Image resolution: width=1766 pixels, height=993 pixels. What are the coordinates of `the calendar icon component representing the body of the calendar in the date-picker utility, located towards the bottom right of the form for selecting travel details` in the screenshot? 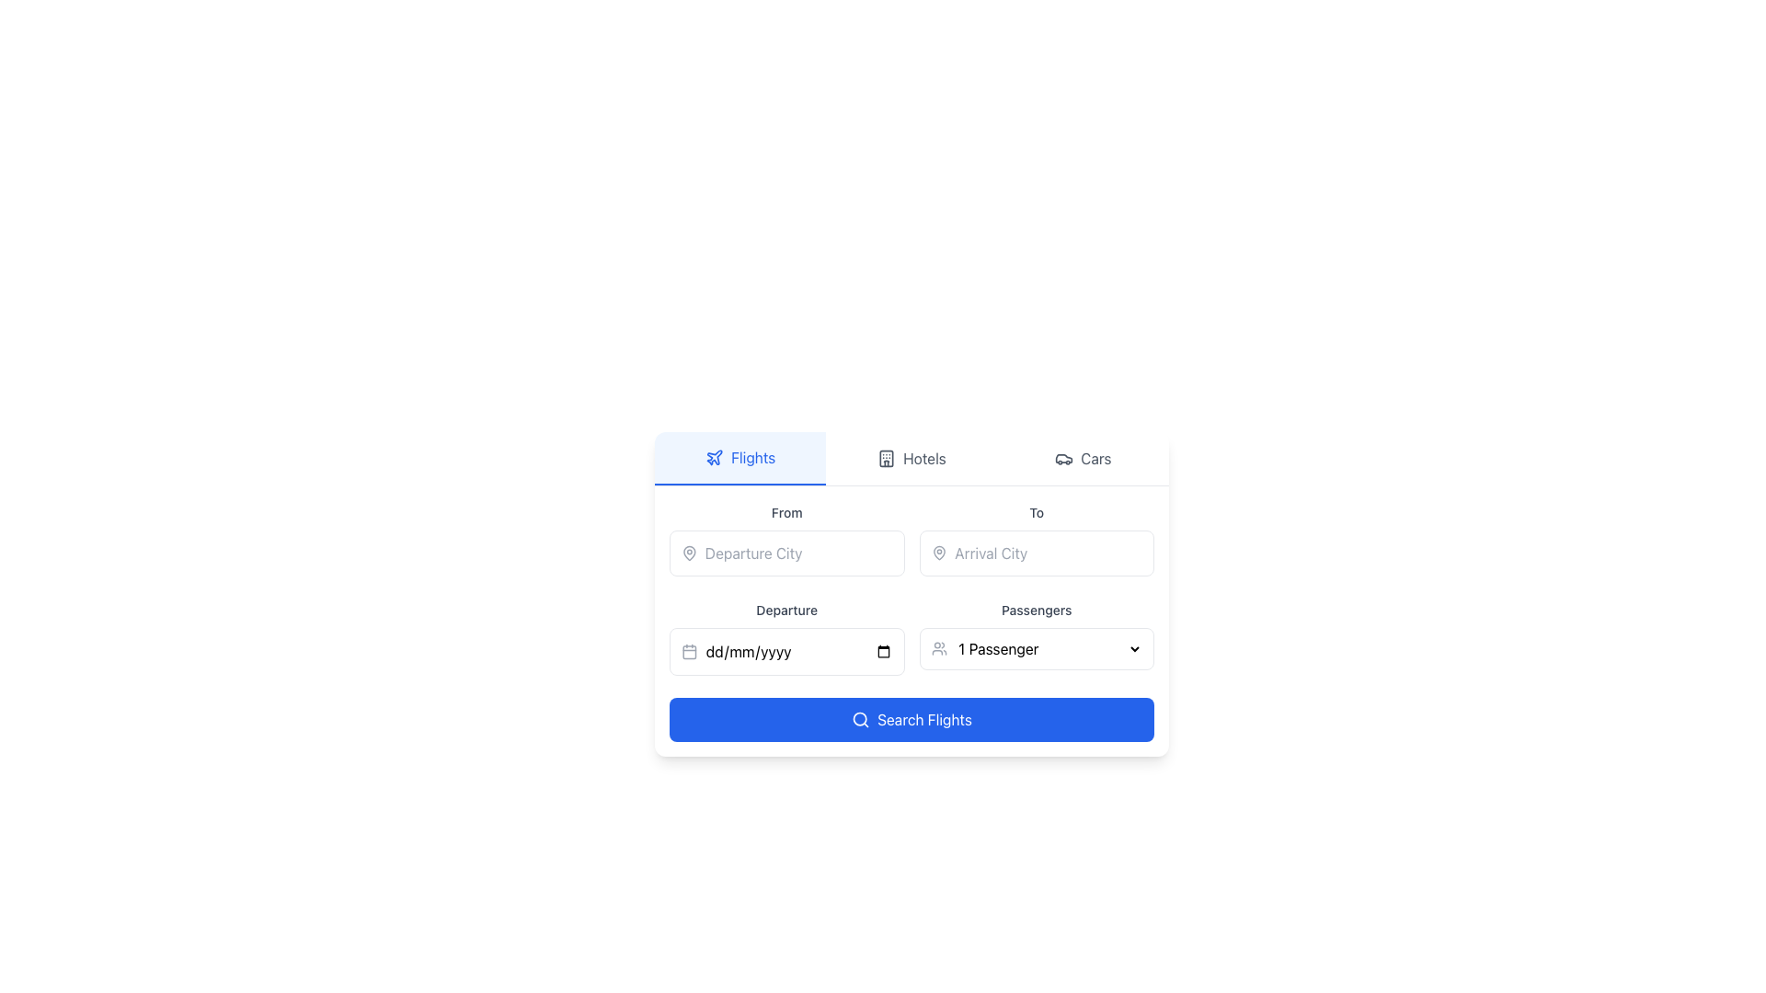 It's located at (688, 651).